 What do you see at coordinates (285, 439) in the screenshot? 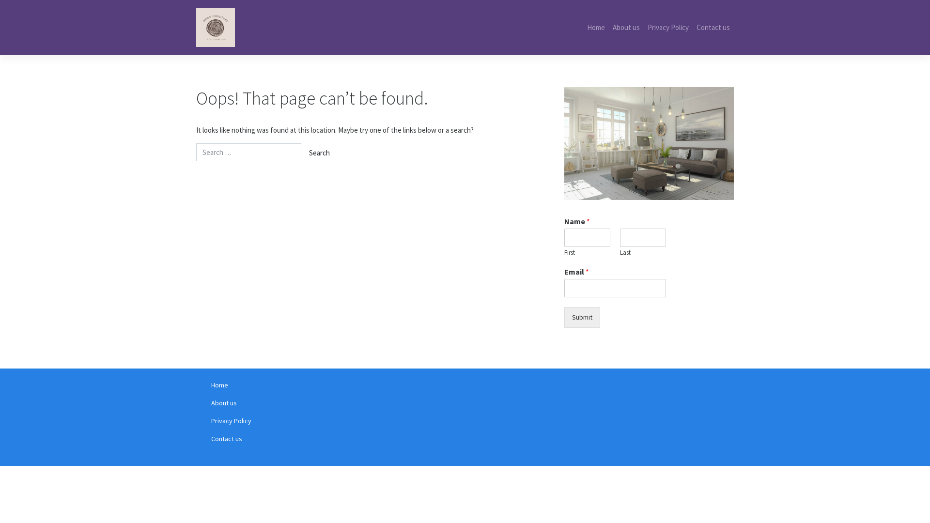
I see `'Contact us'` at bounding box center [285, 439].